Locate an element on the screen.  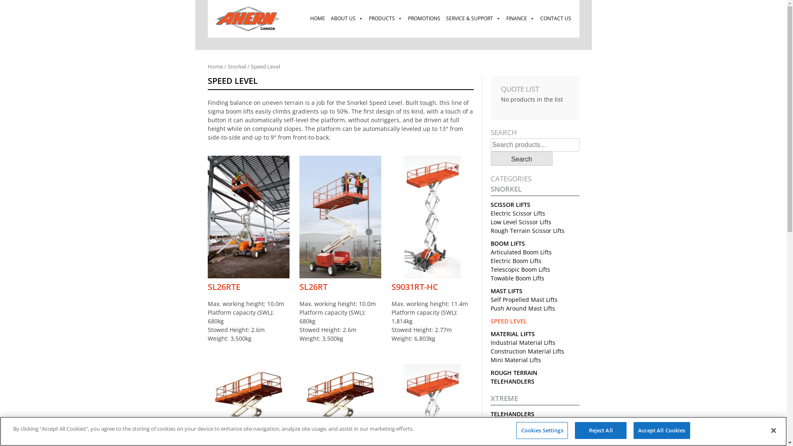
'Electric Boom Lifts' is located at coordinates (515, 261).